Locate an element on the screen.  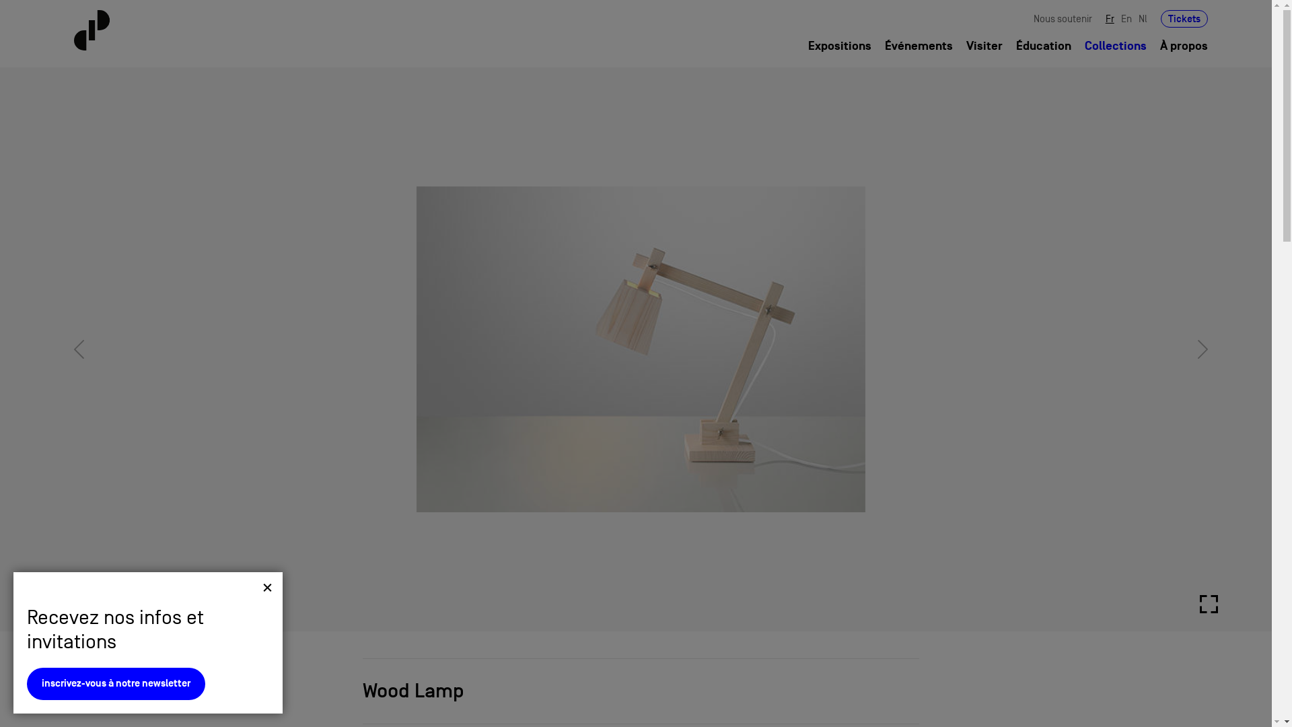
'Nl' is located at coordinates (1142, 18).